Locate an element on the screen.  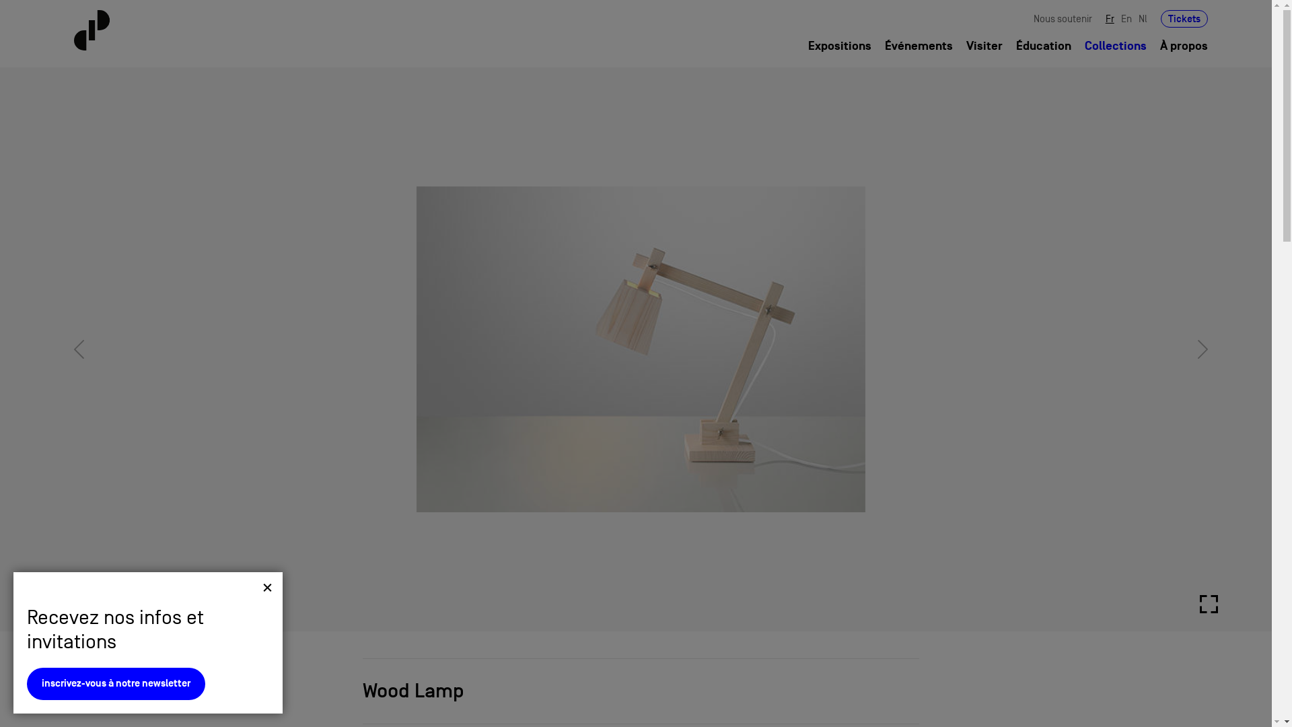
'Nl' is located at coordinates (1142, 18).